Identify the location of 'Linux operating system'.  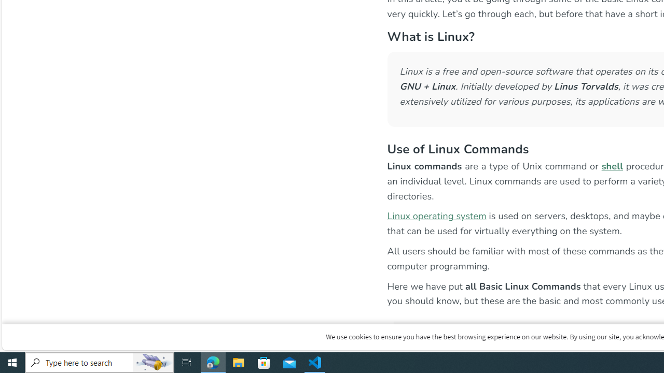
(437, 216).